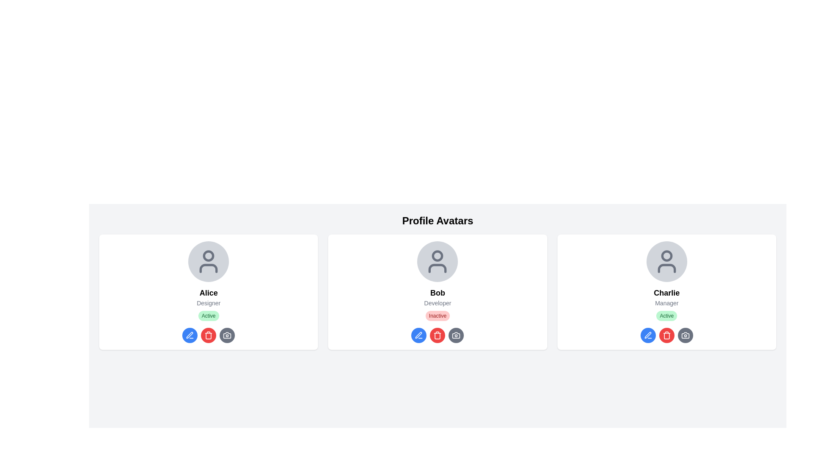  Describe the element at coordinates (438, 261) in the screenshot. I see `the user profile icon` at that location.